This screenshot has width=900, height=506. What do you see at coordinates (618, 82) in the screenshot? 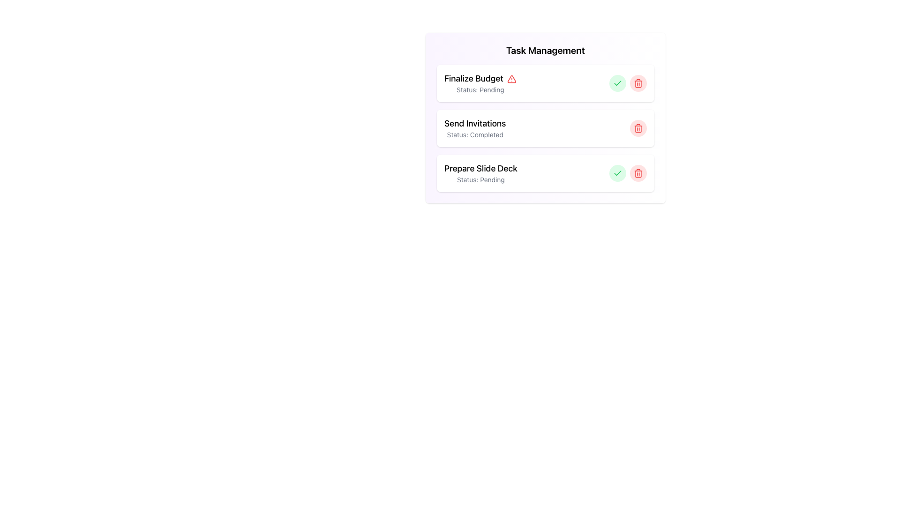
I see `the completion icon located in the third card of the task list titled 'Prepare Slide Deck', positioned to the right of the card's text` at bounding box center [618, 82].